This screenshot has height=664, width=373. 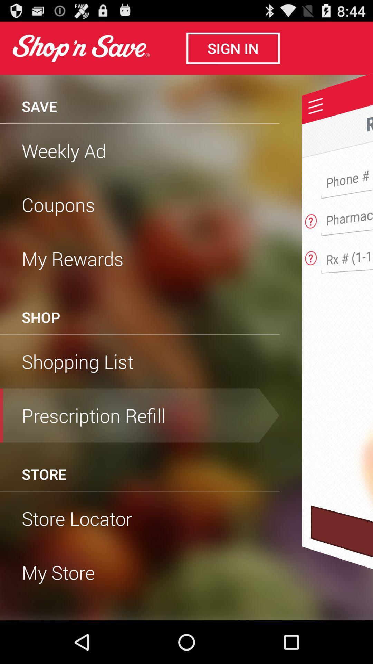 I want to click on item above the save icon, so click(x=80, y=48).